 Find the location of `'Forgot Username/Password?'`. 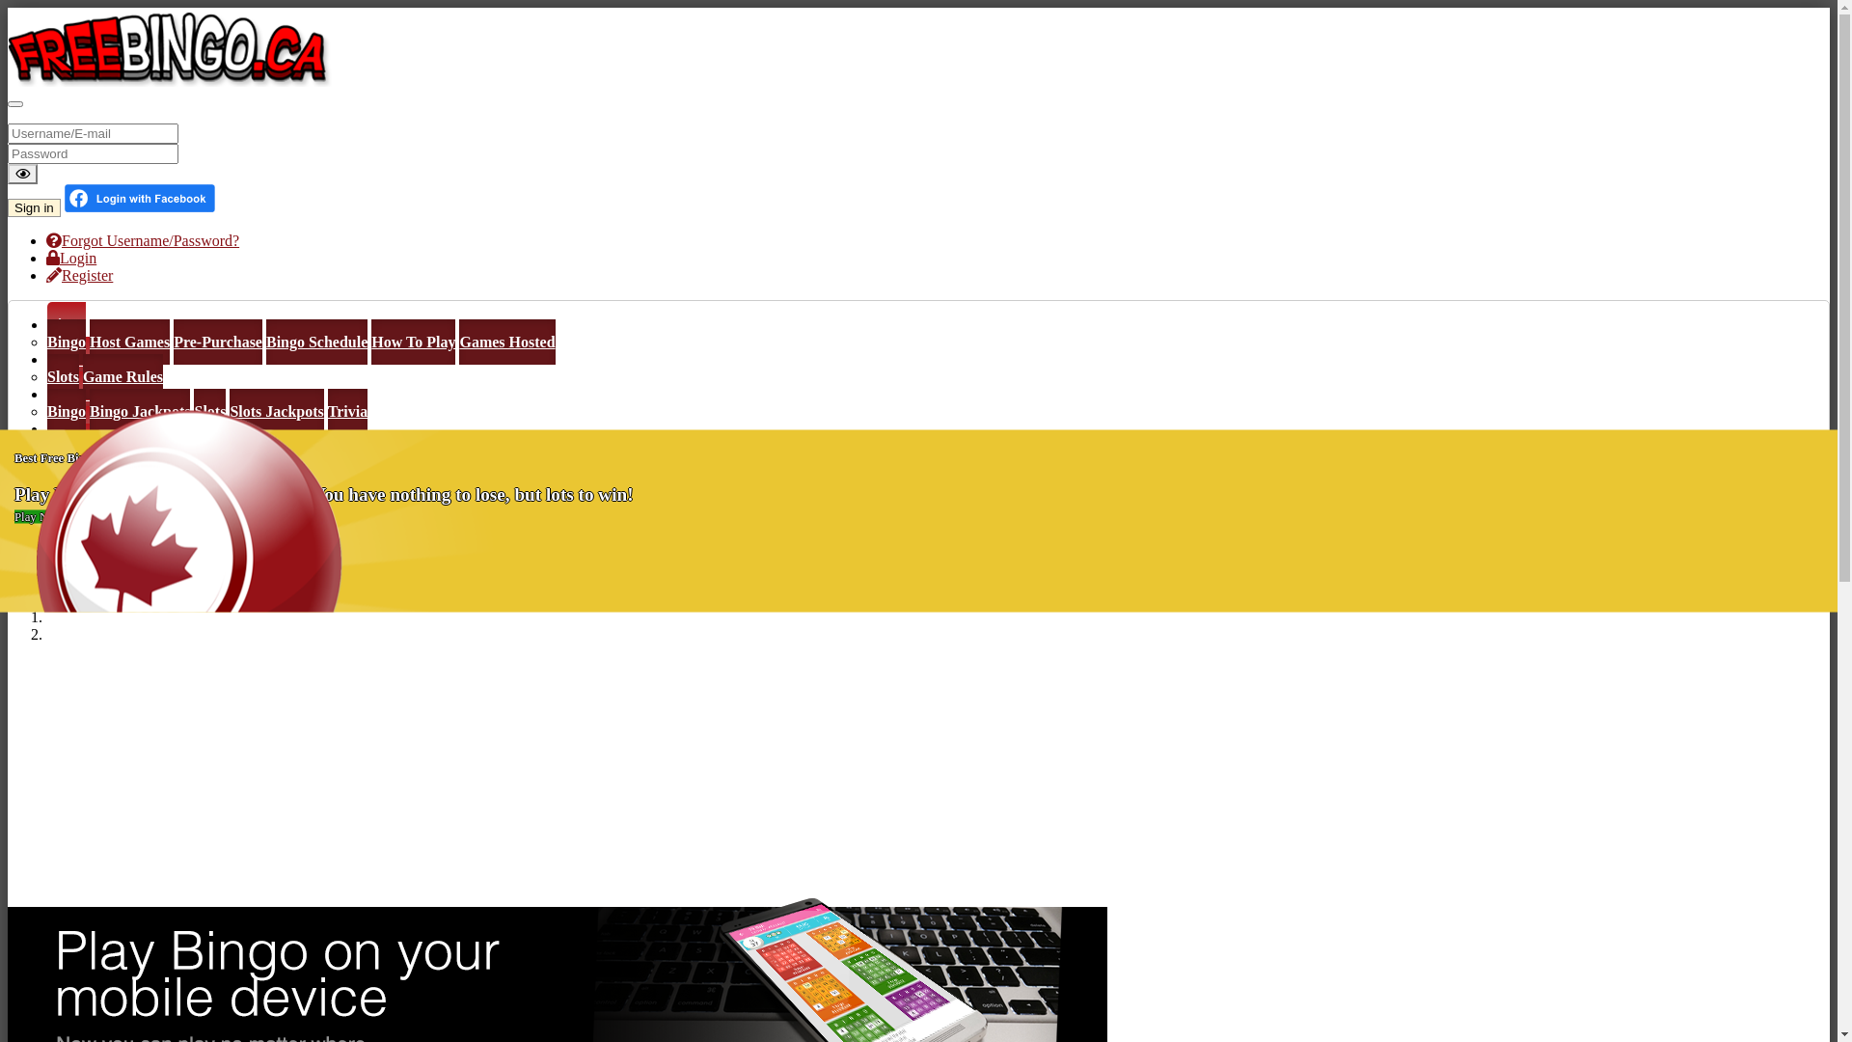

'Forgot Username/Password?' is located at coordinates (46, 239).